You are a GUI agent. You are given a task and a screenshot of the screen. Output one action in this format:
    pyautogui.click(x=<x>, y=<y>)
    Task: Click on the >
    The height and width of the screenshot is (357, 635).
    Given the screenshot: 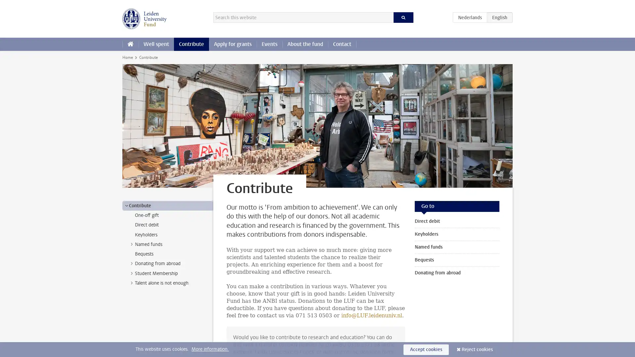 What is the action you would take?
    pyautogui.click(x=126, y=205)
    